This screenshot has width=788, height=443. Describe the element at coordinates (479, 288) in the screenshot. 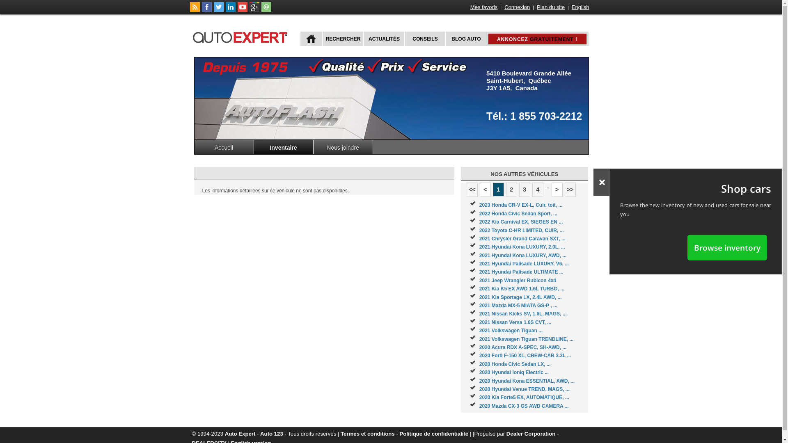

I see `'2021 Kia K5 EX AWD 1.6L TURBO, ...'` at that location.